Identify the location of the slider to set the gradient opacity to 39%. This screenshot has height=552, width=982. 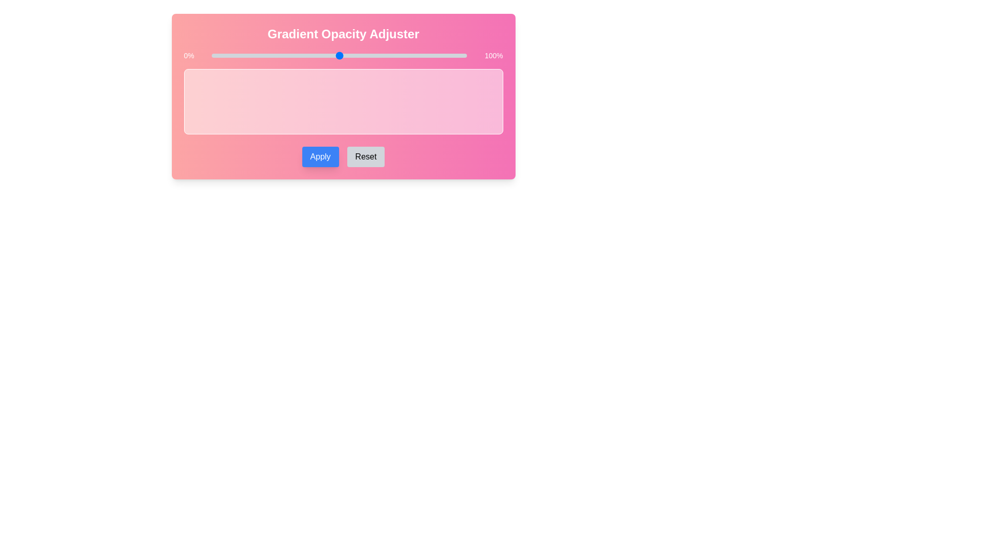
(310, 55).